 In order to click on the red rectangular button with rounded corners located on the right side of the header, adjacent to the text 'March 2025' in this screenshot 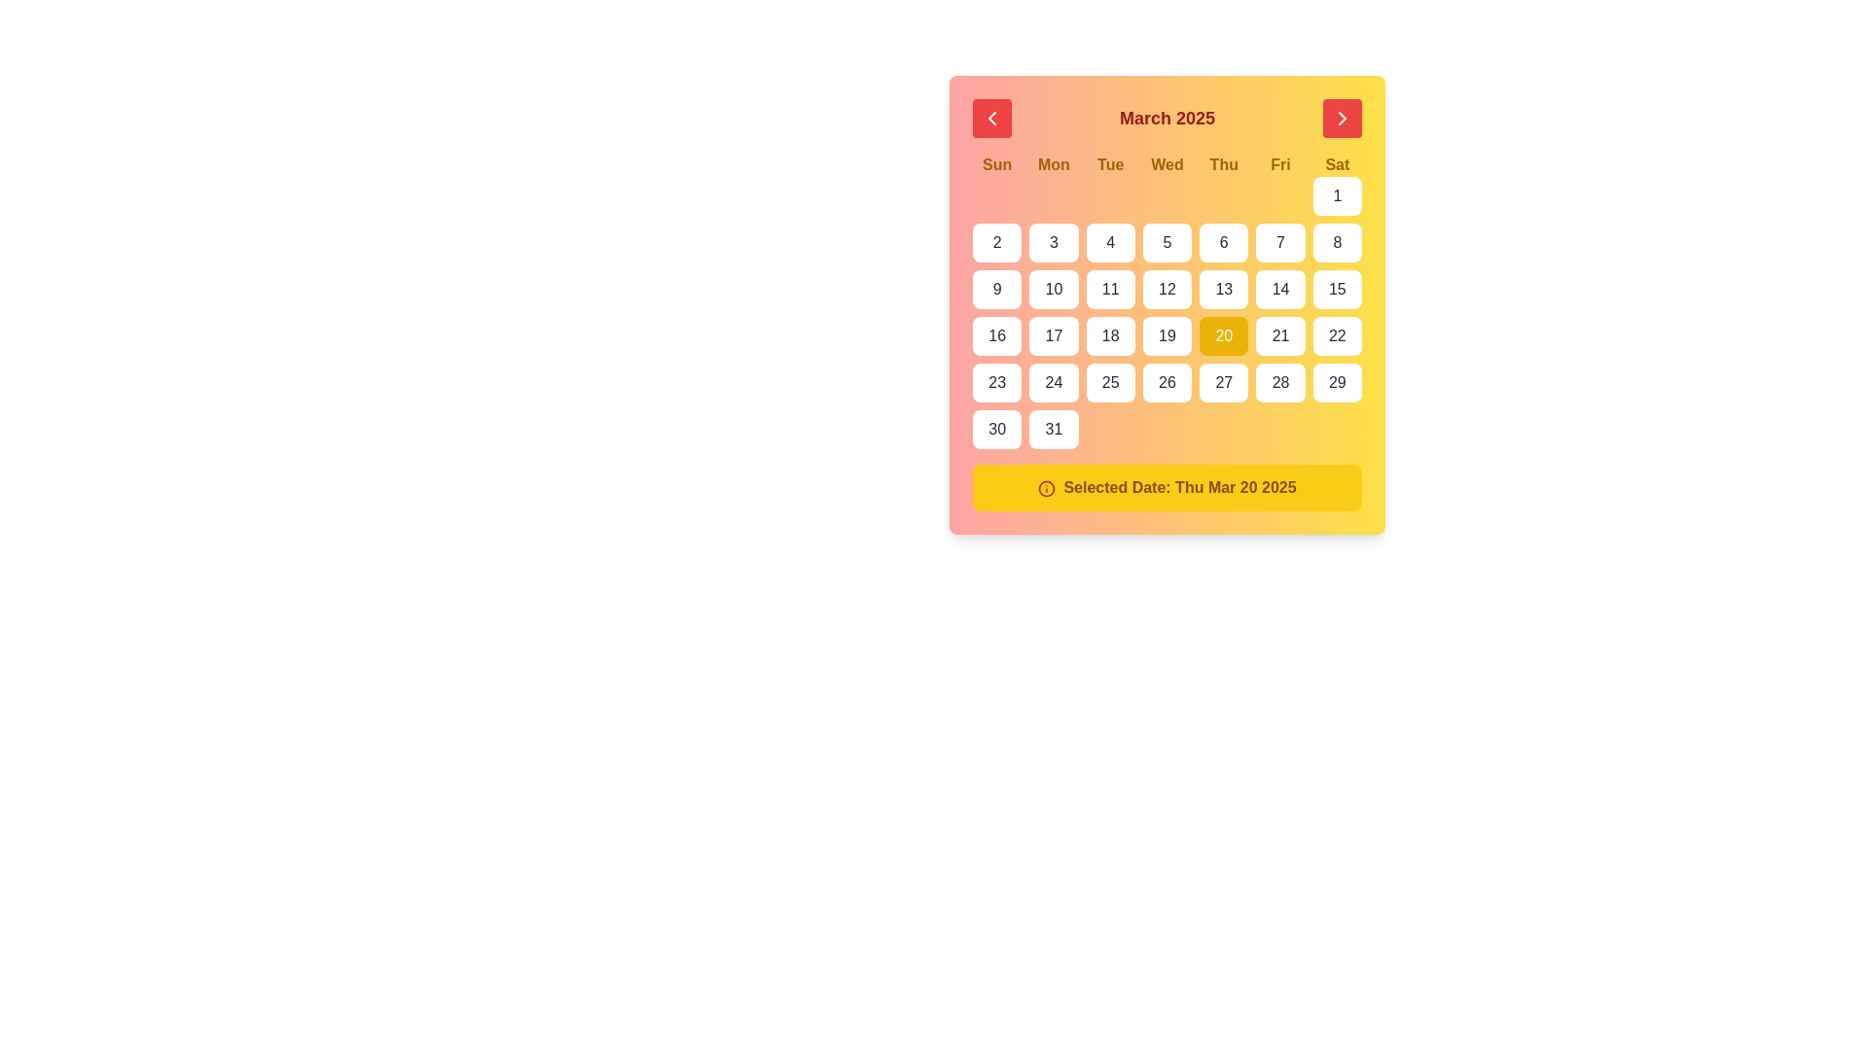, I will do `click(1342, 119)`.